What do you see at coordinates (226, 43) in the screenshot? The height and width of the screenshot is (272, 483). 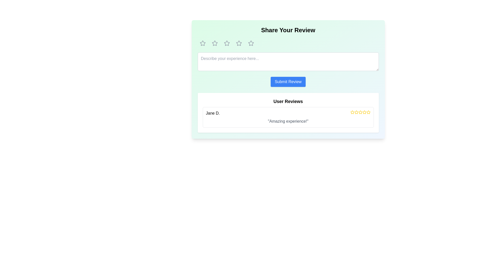 I see `the third star icon in the horizontal row of five star icons to rate it in the 'Share Your Review' section` at bounding box center [226, 43].